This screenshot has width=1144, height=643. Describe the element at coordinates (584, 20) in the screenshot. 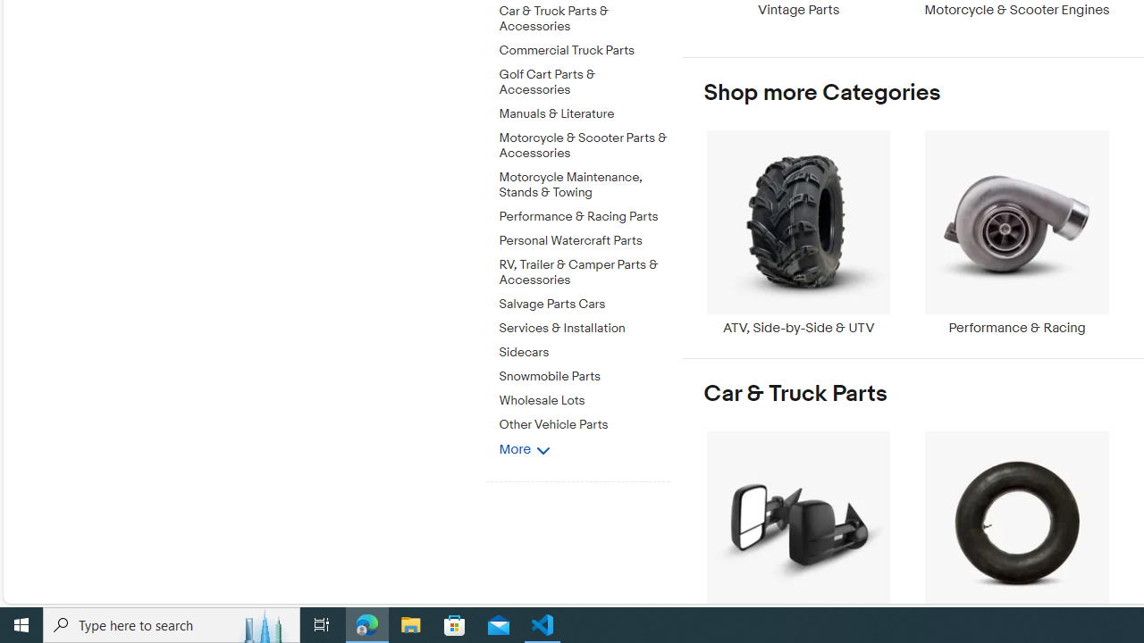

I see `'Car & Truck Parts & Accessories'` at that location.